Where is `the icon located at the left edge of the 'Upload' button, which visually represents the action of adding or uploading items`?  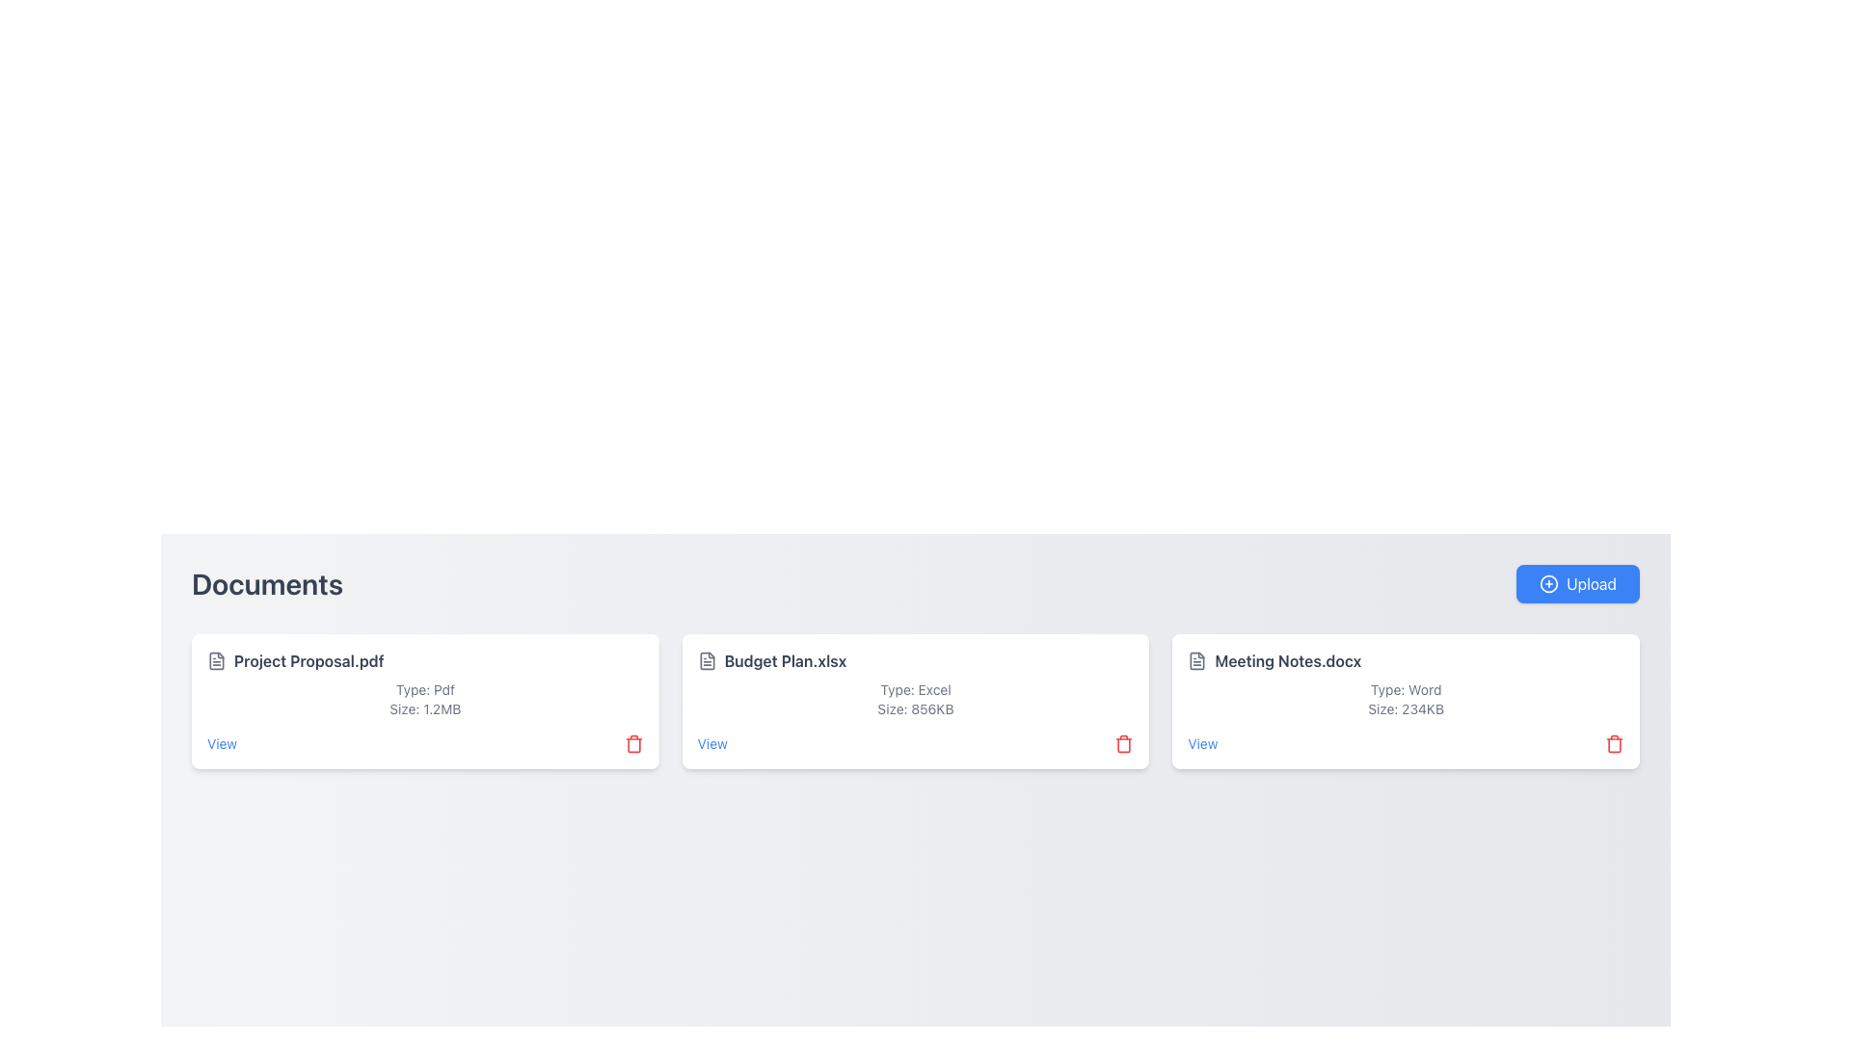 the icon located at the left edge of the 'Upload' button, which visually represents the action of adding or uploading items is located at coordinates (1549, 582).